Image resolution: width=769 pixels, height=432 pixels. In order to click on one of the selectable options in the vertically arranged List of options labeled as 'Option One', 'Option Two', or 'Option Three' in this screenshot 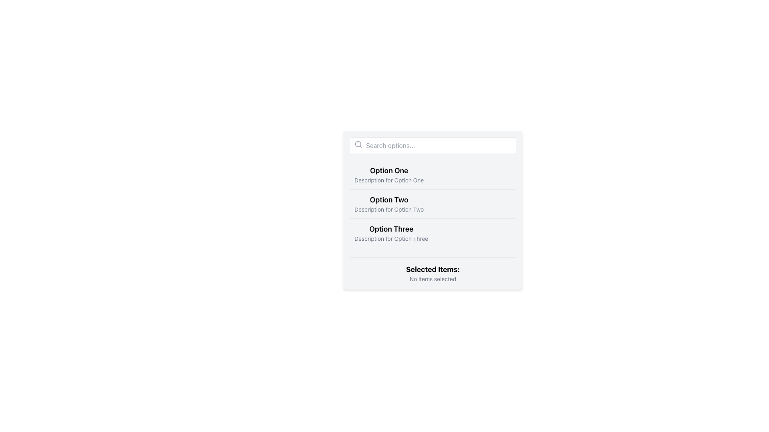, I will do `click(432, 209)`.